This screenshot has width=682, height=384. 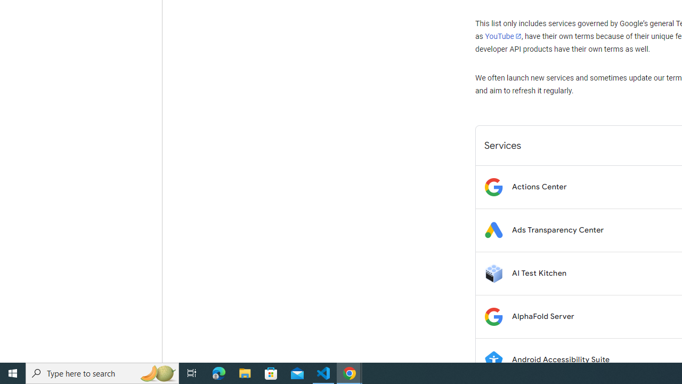 I want to click on 'Logo for Android Accessibility Suite', so click(x=493, y=359).